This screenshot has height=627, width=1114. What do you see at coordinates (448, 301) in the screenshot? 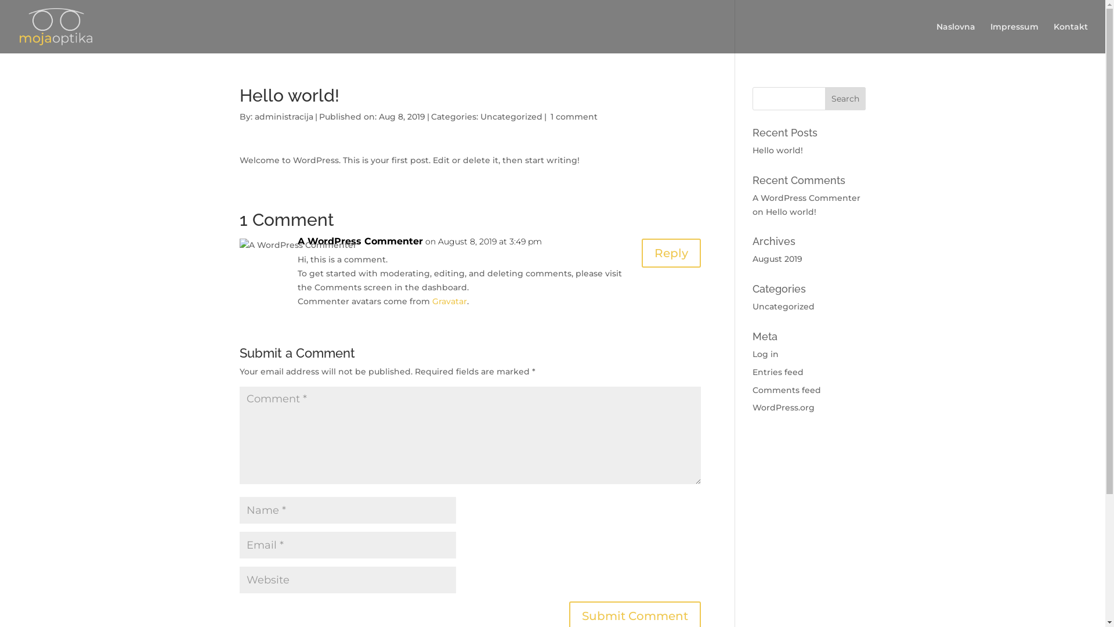
I see `'Gravatar'` at bounding box center [448, 301].